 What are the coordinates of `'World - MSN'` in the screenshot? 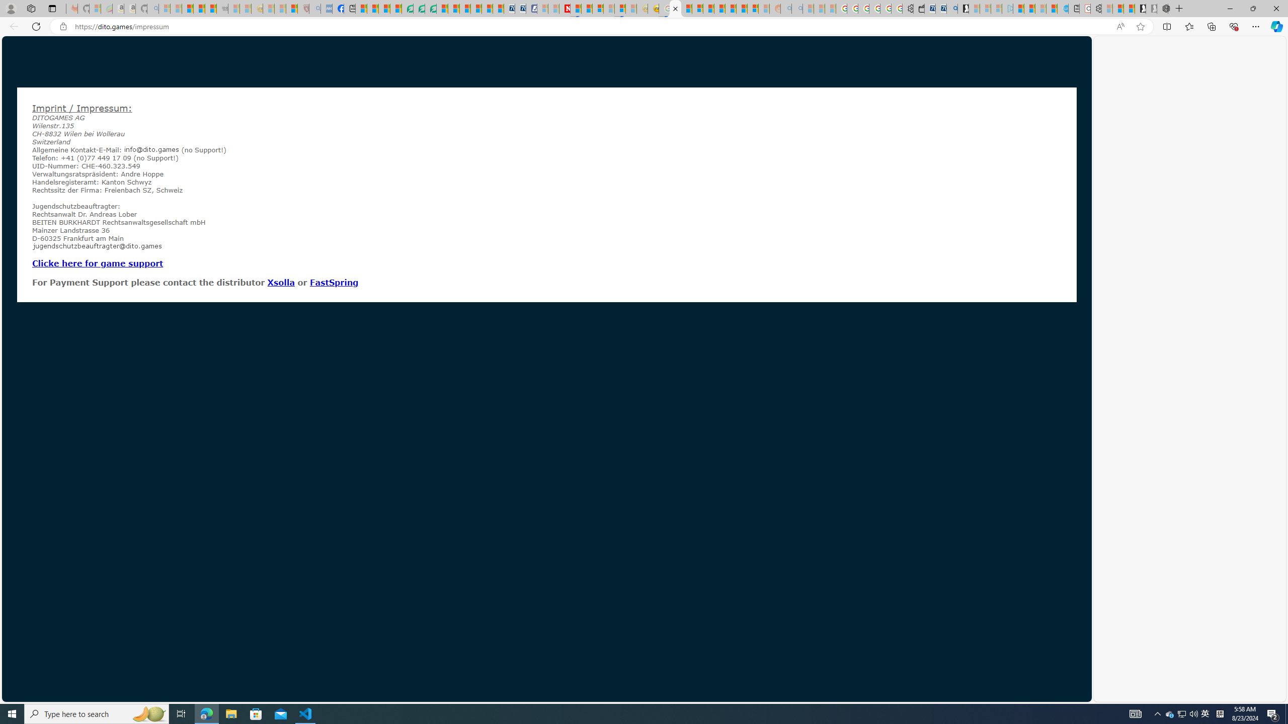 It's located at (384, 8).